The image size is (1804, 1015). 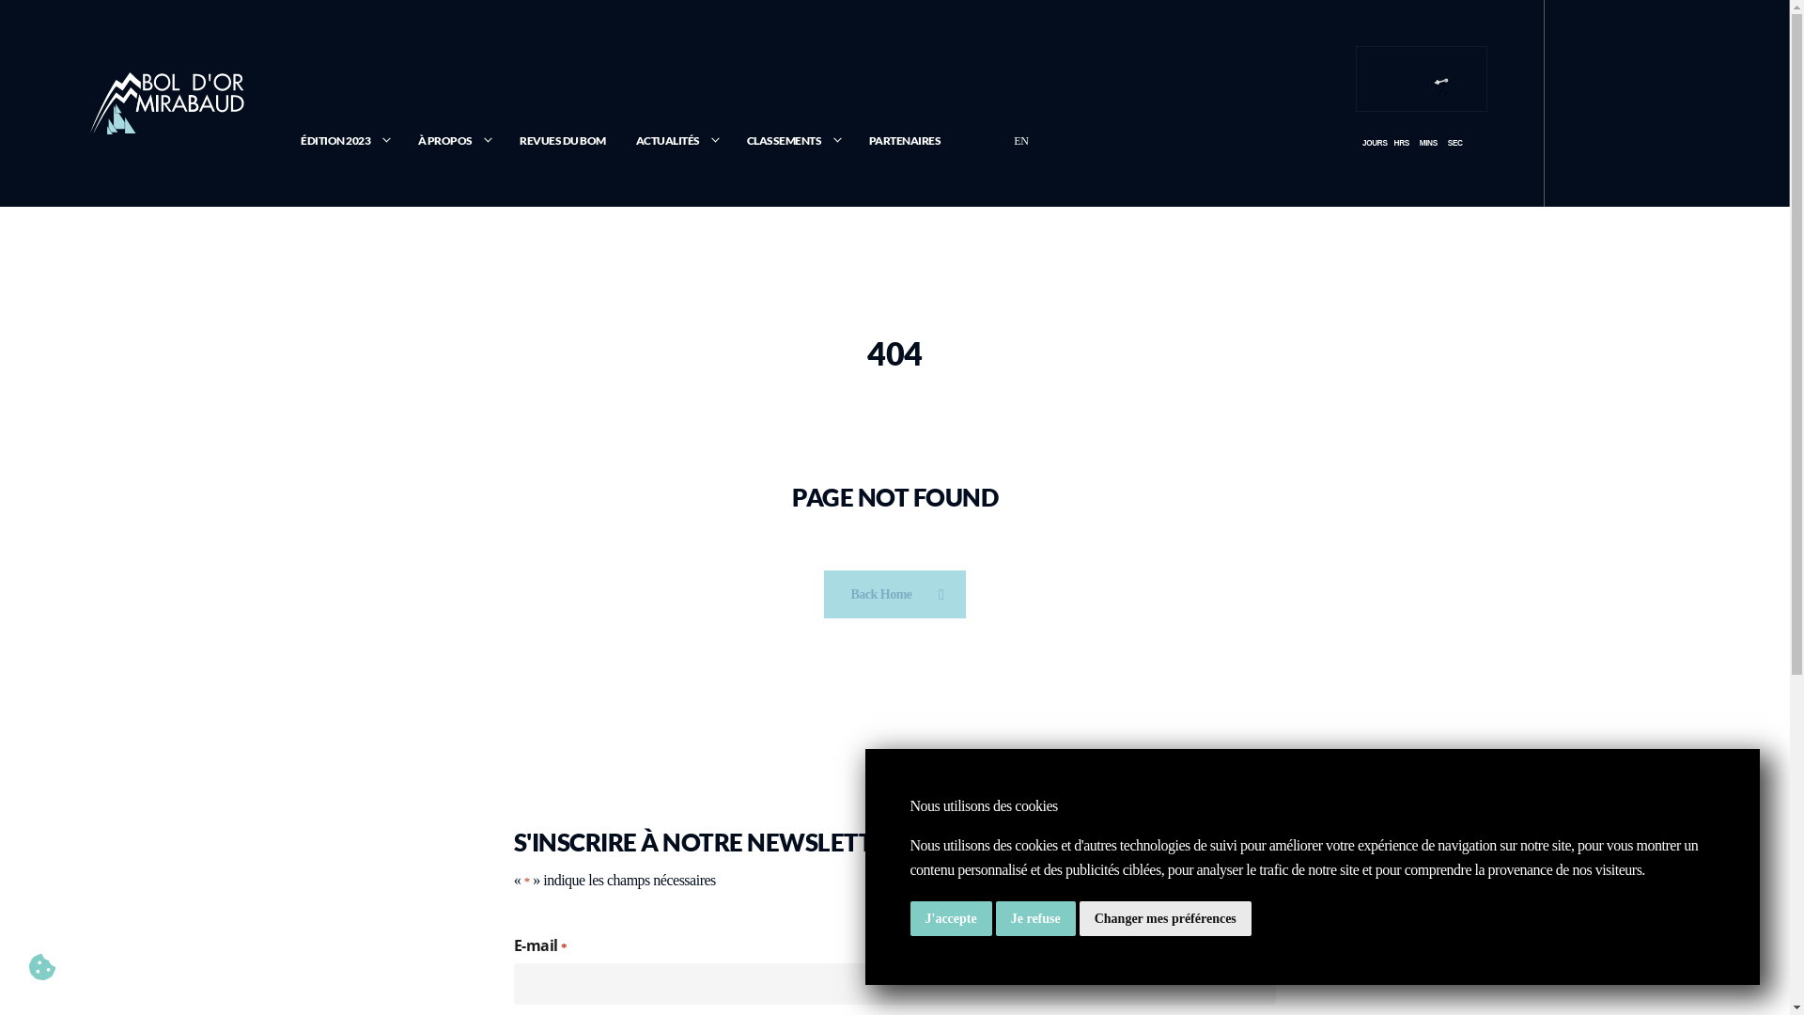 I want to click on 'Je refuse', so click(x=995, y=917).